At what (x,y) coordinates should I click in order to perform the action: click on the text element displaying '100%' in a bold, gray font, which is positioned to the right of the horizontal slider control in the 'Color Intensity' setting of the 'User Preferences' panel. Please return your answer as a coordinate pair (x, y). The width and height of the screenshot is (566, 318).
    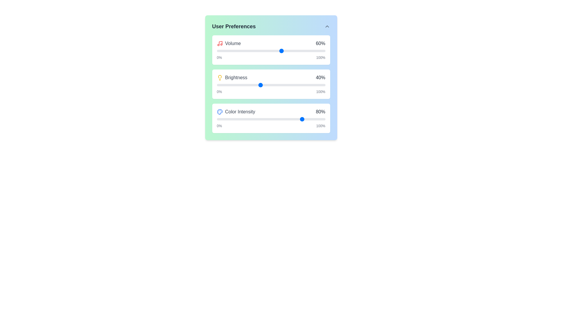
    Looking at the image, I should click on (320, 126).